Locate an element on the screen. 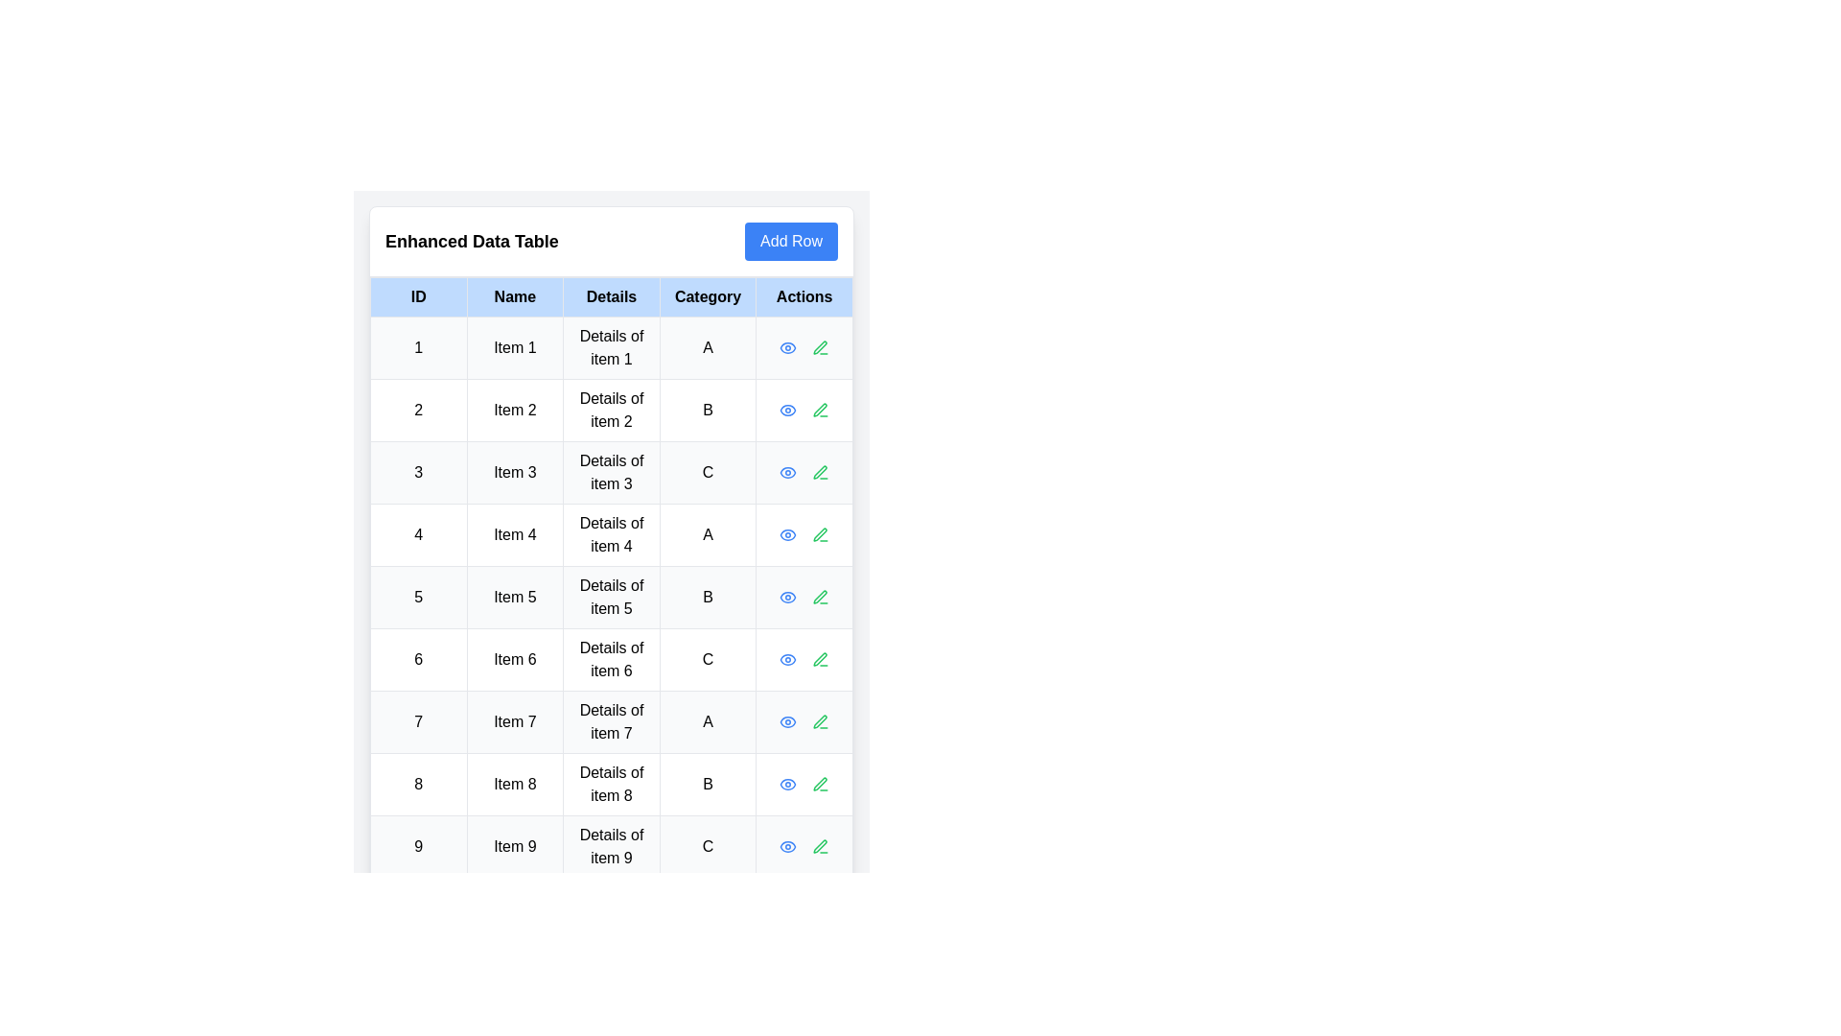 The width and height of the screenshot is (1841, 1036). the green pen-like icon button located in the 'Actions' column next to 'Details of item 1' is located at coordinates (820, 347).